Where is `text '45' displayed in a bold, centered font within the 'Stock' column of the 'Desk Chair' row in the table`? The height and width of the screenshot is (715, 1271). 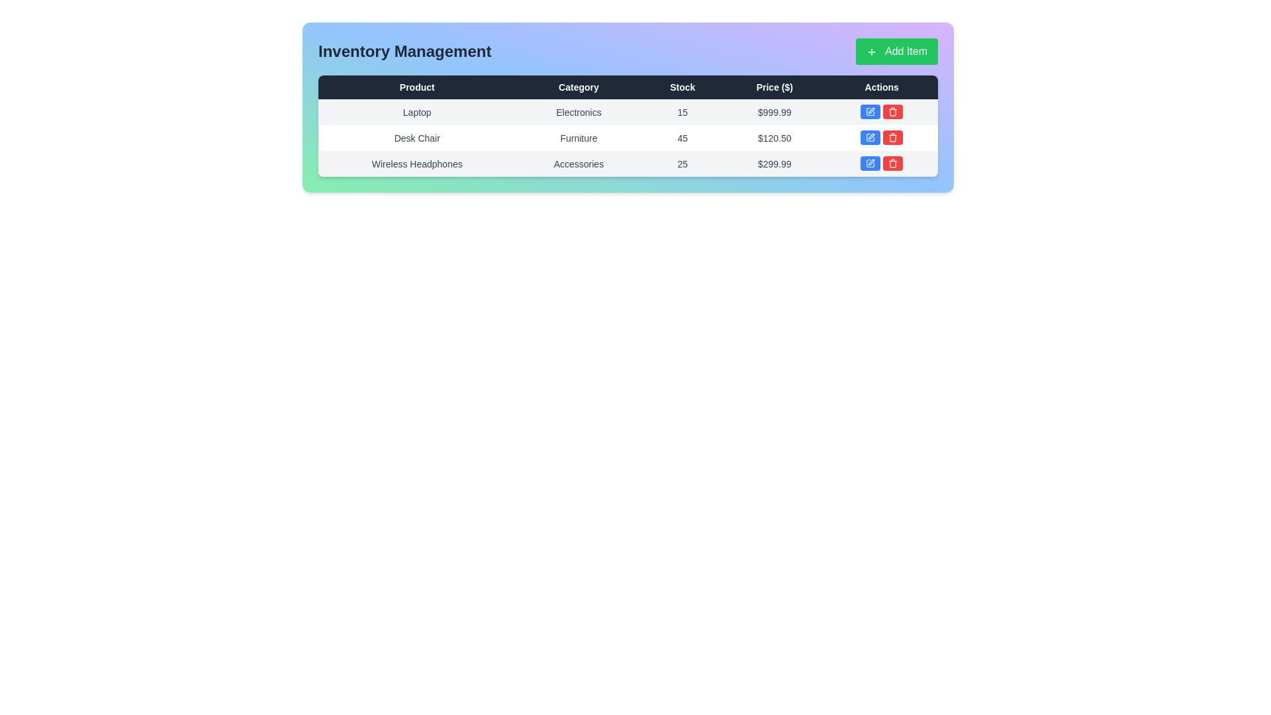
text '45' displayed in a bold, centered font within the 'Stock' column of the 'Desk Chair' row in the table is located at coordinates (683, 138).